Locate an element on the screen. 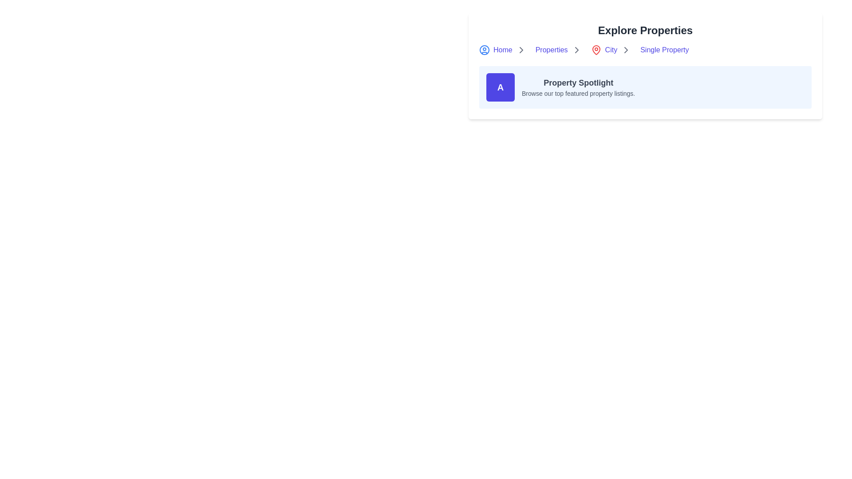 The height and width of the screenshot is (479, 852). the visual divider icon in the breadcrumb navigation bar, located between 'Properties' and 'City' is located at coordinates (576, 50).